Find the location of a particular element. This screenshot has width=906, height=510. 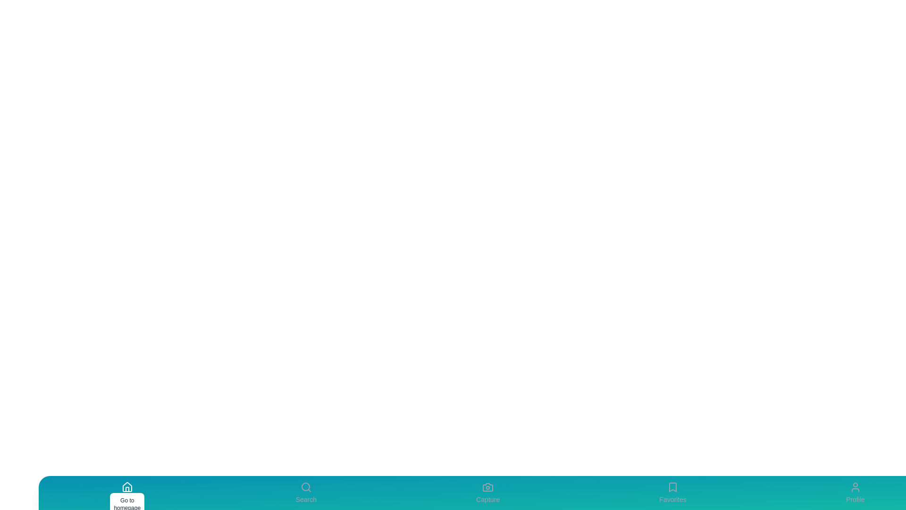

the Favorites tab to view its details is located at coordinates (672, 493).